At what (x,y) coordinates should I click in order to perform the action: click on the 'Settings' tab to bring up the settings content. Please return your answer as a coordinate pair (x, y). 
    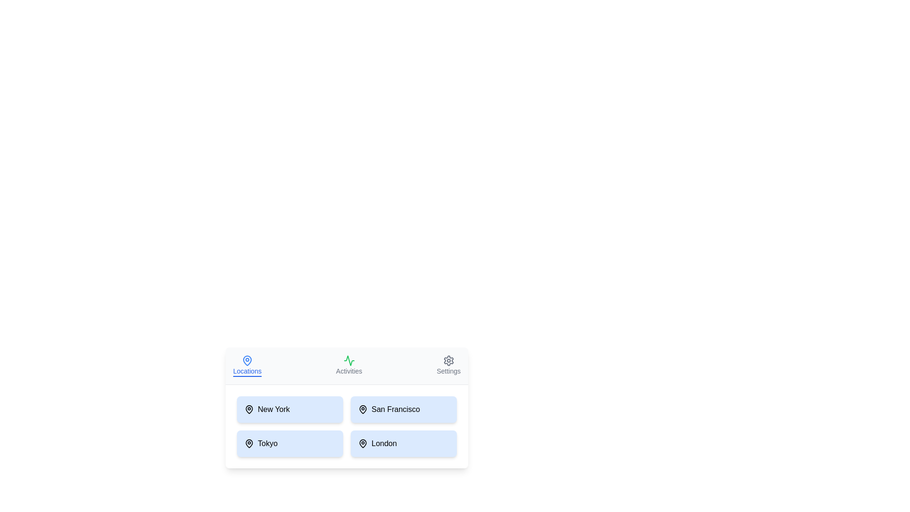
    Looking at the image, I should click on (448, 365).